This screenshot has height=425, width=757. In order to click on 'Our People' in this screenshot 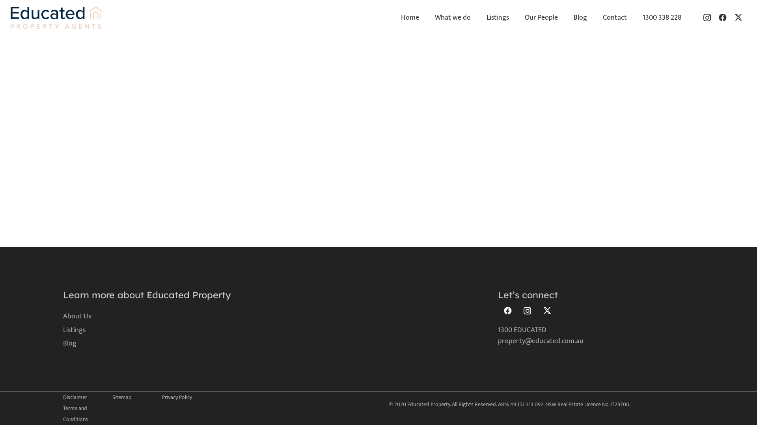, I will do `click(516, 18)`.